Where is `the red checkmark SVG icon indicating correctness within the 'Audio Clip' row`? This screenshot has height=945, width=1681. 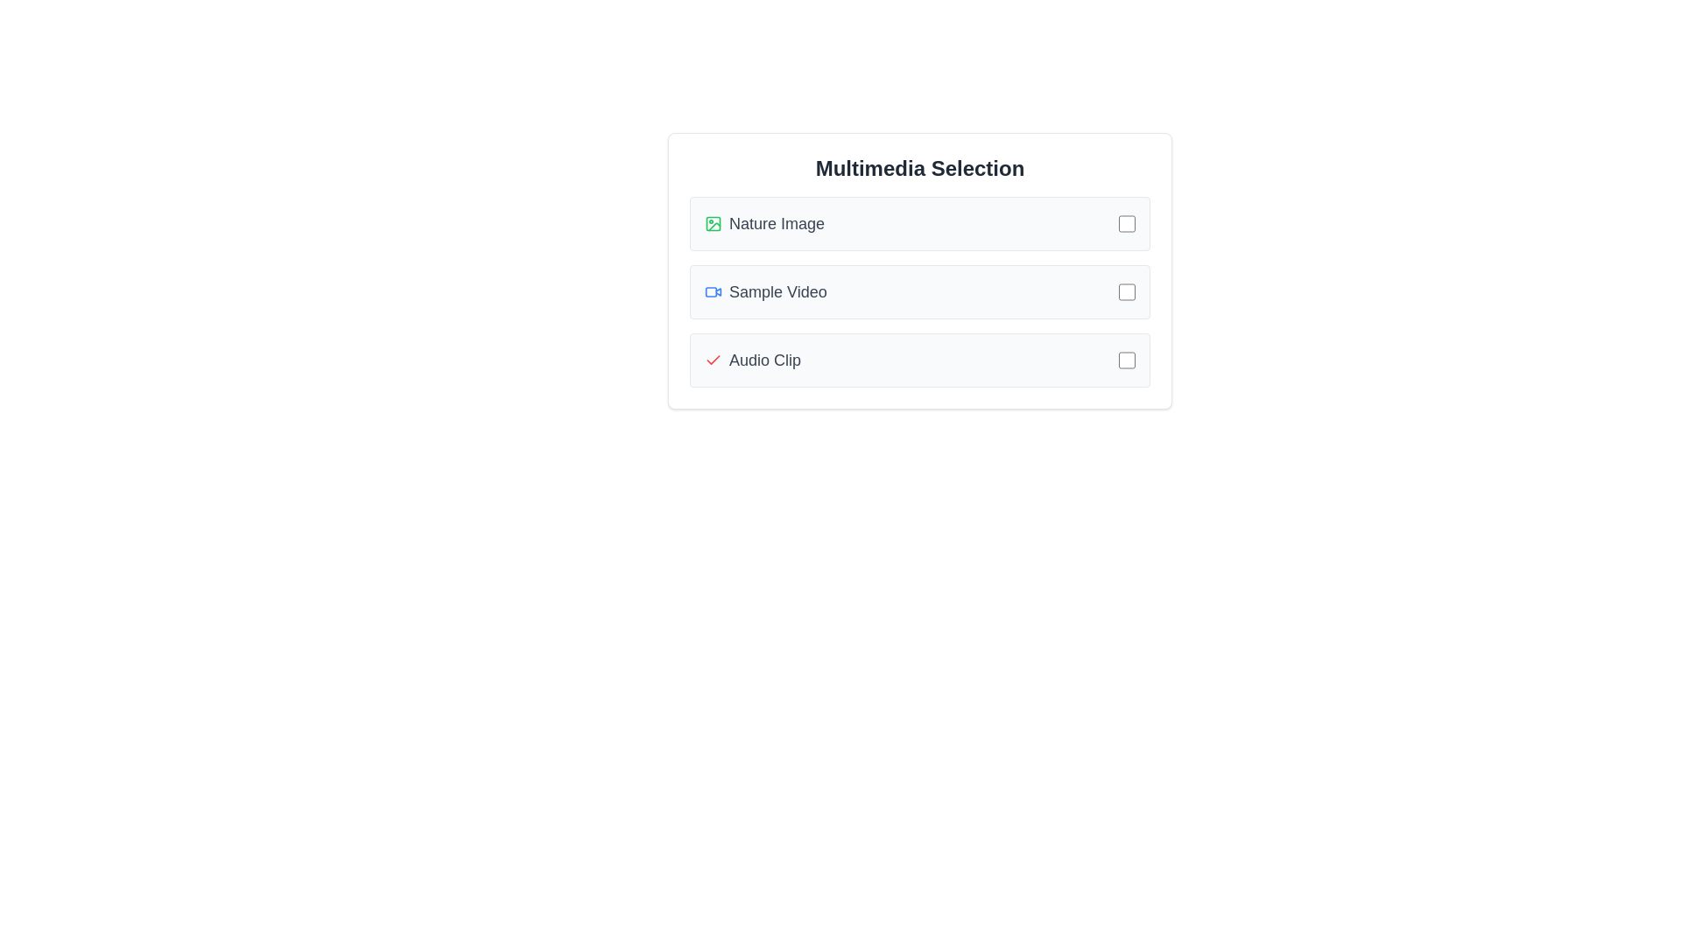 the red checkmark SVG icon indicating correctness within the 'Audio Clip' row is located at coordinates (714, 359).